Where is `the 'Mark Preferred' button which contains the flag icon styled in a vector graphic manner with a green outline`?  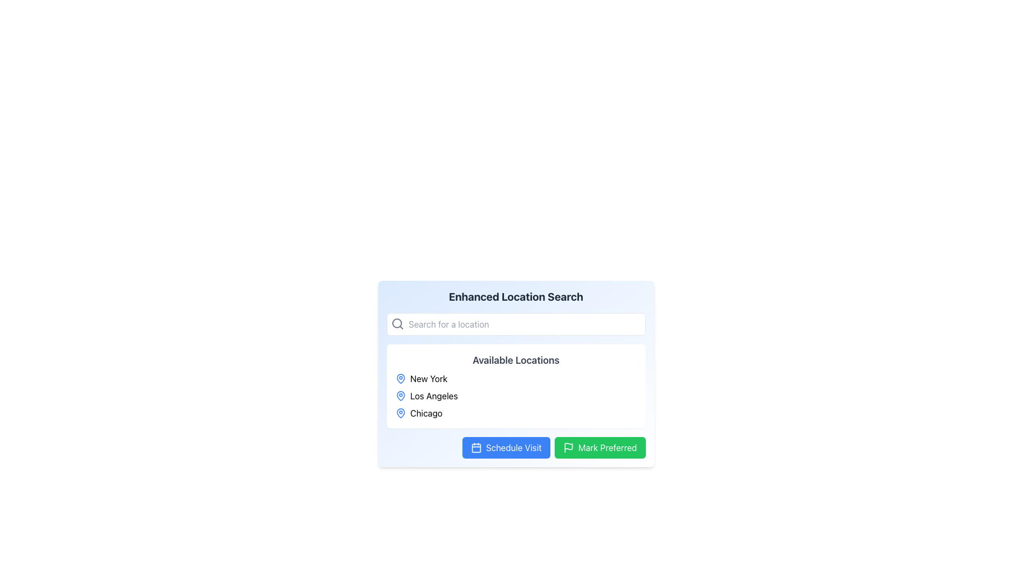
the 'Mark Preferred' button which contains the flag icon styled in a vector graphic manner with a green outline is located at coordinates (568, 447).